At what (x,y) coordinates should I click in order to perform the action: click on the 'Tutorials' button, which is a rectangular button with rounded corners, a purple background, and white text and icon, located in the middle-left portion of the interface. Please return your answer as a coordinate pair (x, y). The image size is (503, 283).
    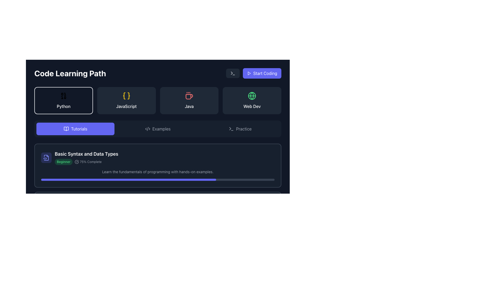
    Looking at the image, I should click on (75, 129).